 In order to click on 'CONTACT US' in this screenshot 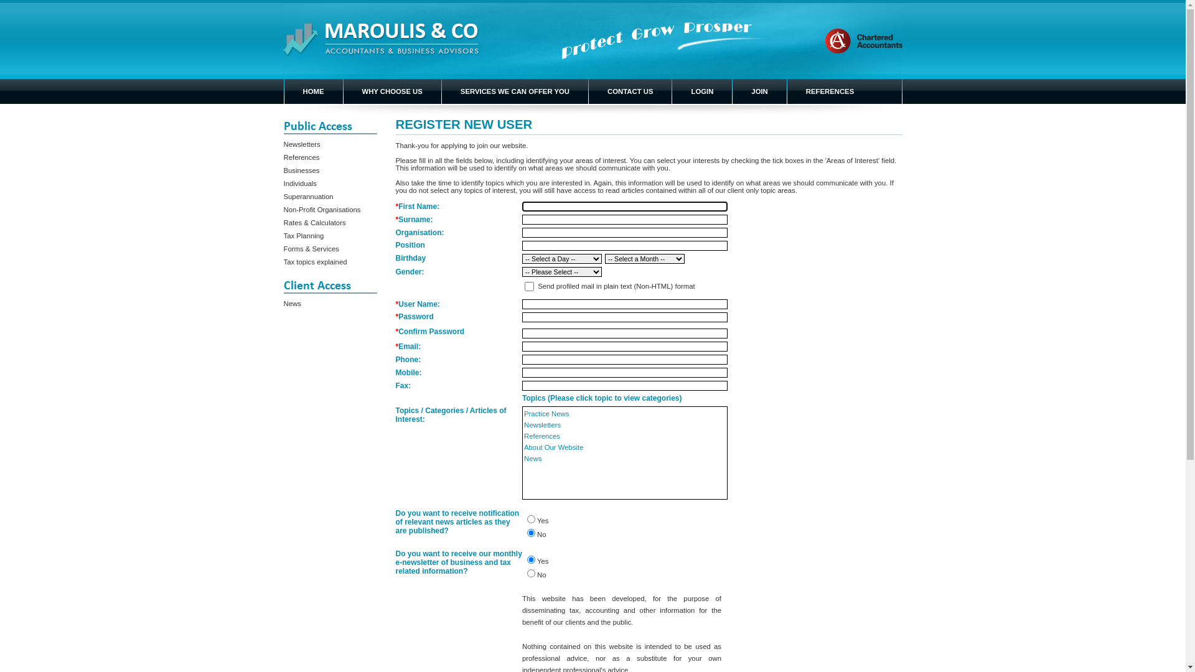, I will do `click(630, 90)`.